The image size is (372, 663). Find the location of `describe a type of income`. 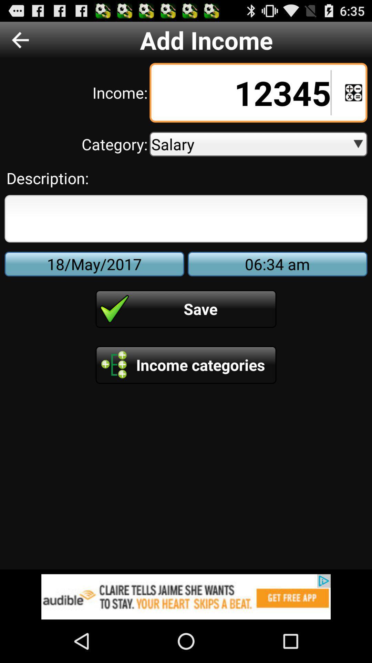

describe a type of income is located at coordinates (186, 218).